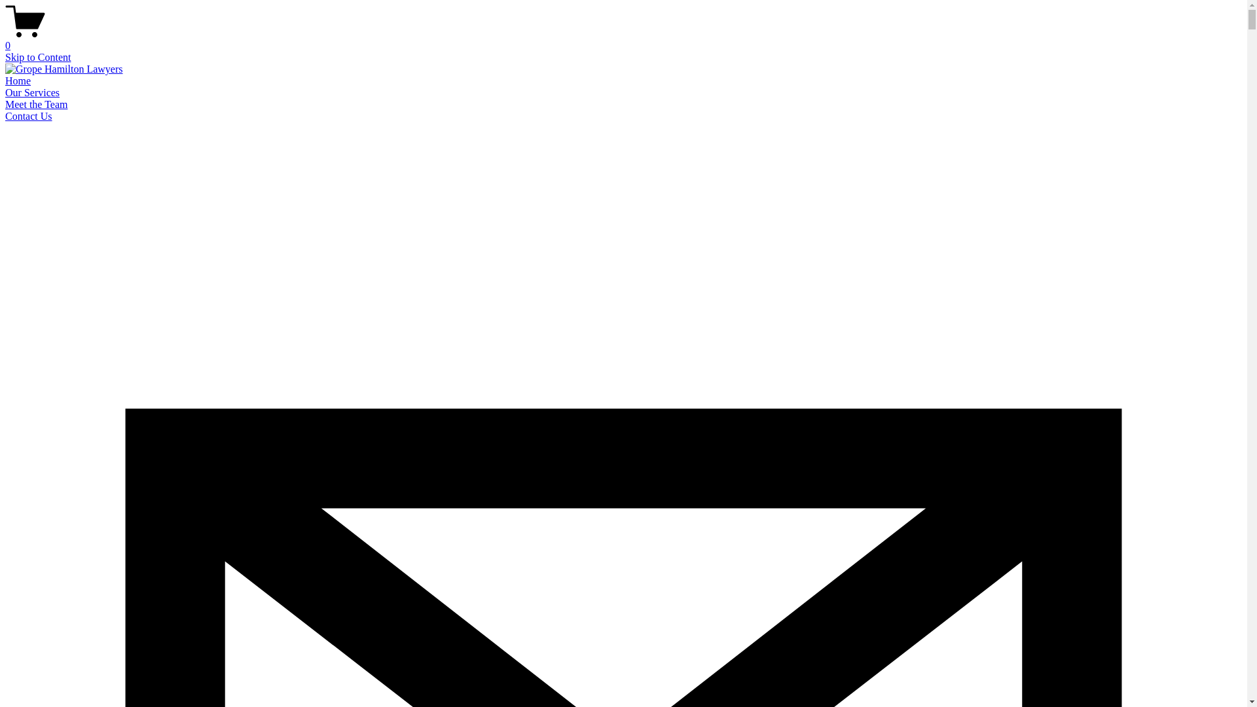 The image size is (1257, 707). Describe the element at coordinates (5, 56) in the screenshot. I see `'Skip to Content'` at that location.